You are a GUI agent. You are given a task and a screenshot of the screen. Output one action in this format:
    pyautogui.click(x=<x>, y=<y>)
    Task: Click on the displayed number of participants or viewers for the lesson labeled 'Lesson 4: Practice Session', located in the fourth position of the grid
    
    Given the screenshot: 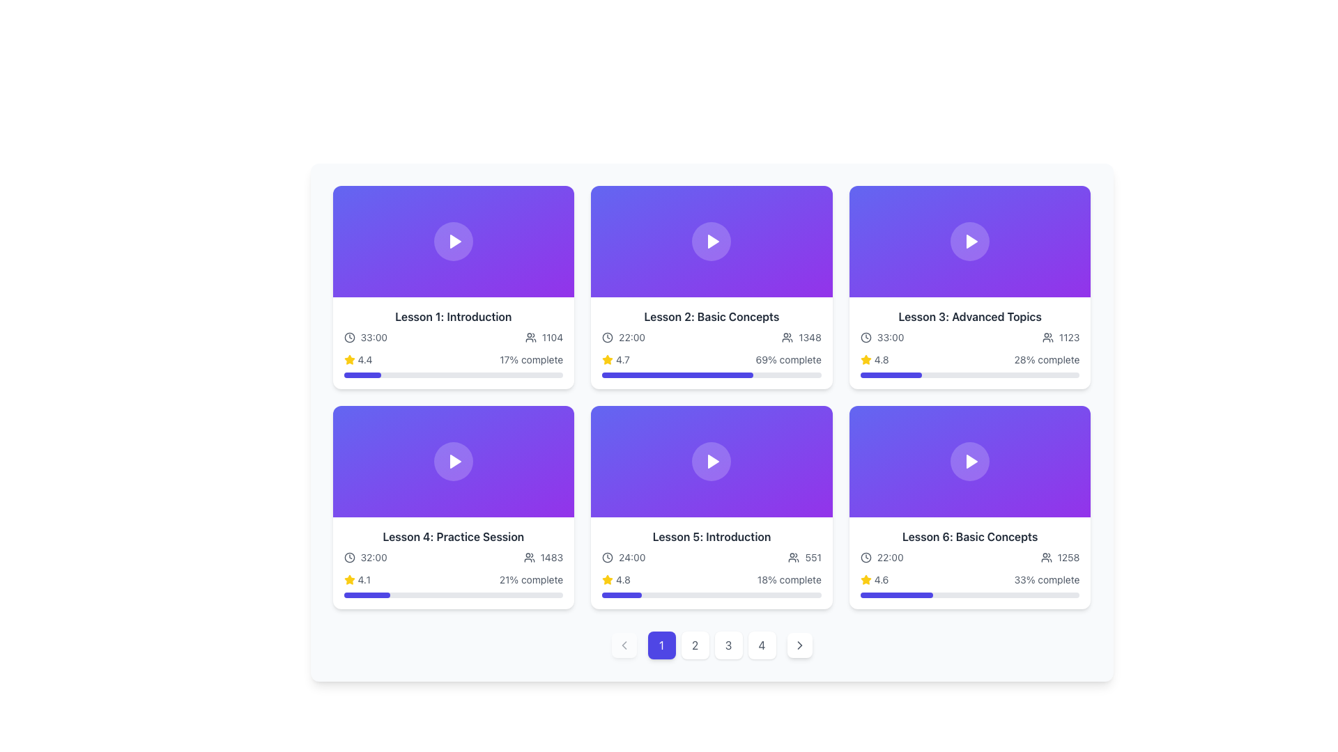 What is the action you would take?
    pyautogui.click(x=542, y=557)
    